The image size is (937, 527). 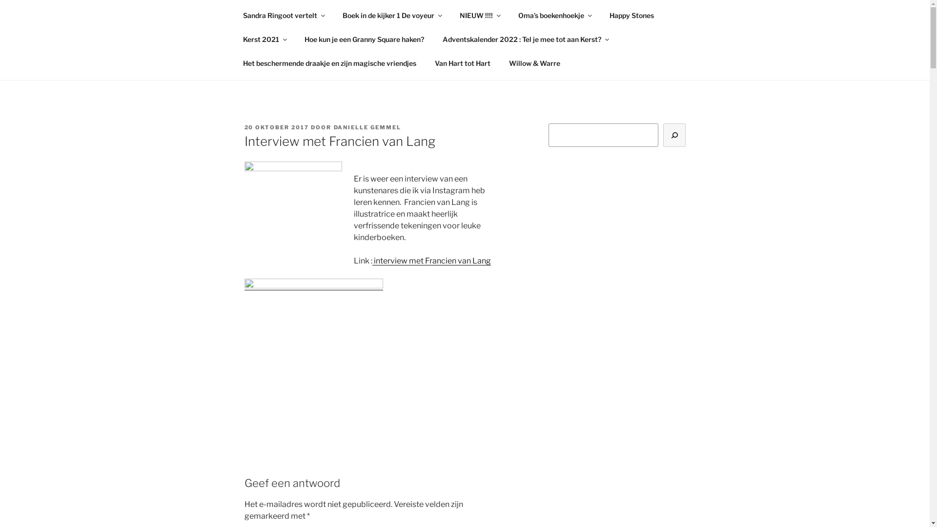 What do you see at coordinates (632, 15) in the screenshot?
I see `'Happy Stones'` at bounding box center [632, 15].